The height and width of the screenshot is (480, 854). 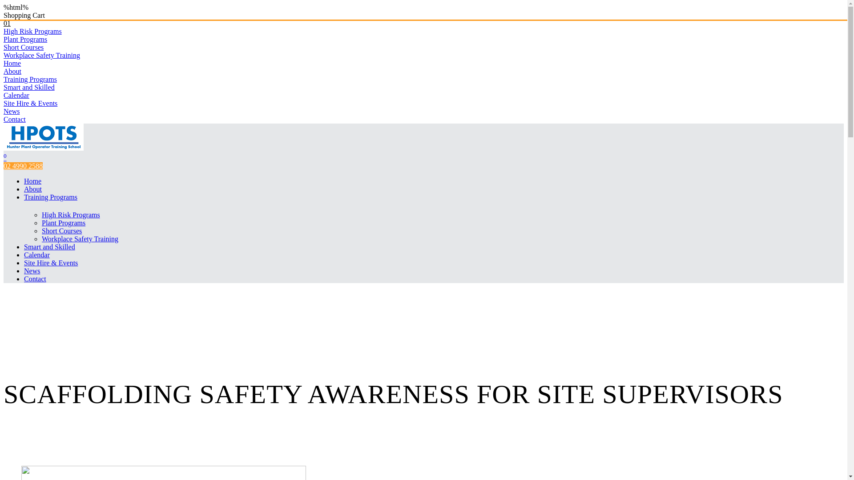 I want to click on 'HPOTS', so click(x=43, y=148).